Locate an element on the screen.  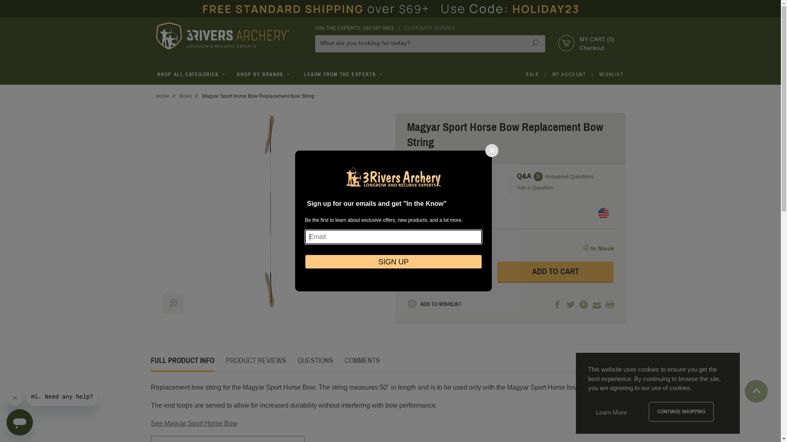
'MY CART (0)' is located at coordinates (597, 39).